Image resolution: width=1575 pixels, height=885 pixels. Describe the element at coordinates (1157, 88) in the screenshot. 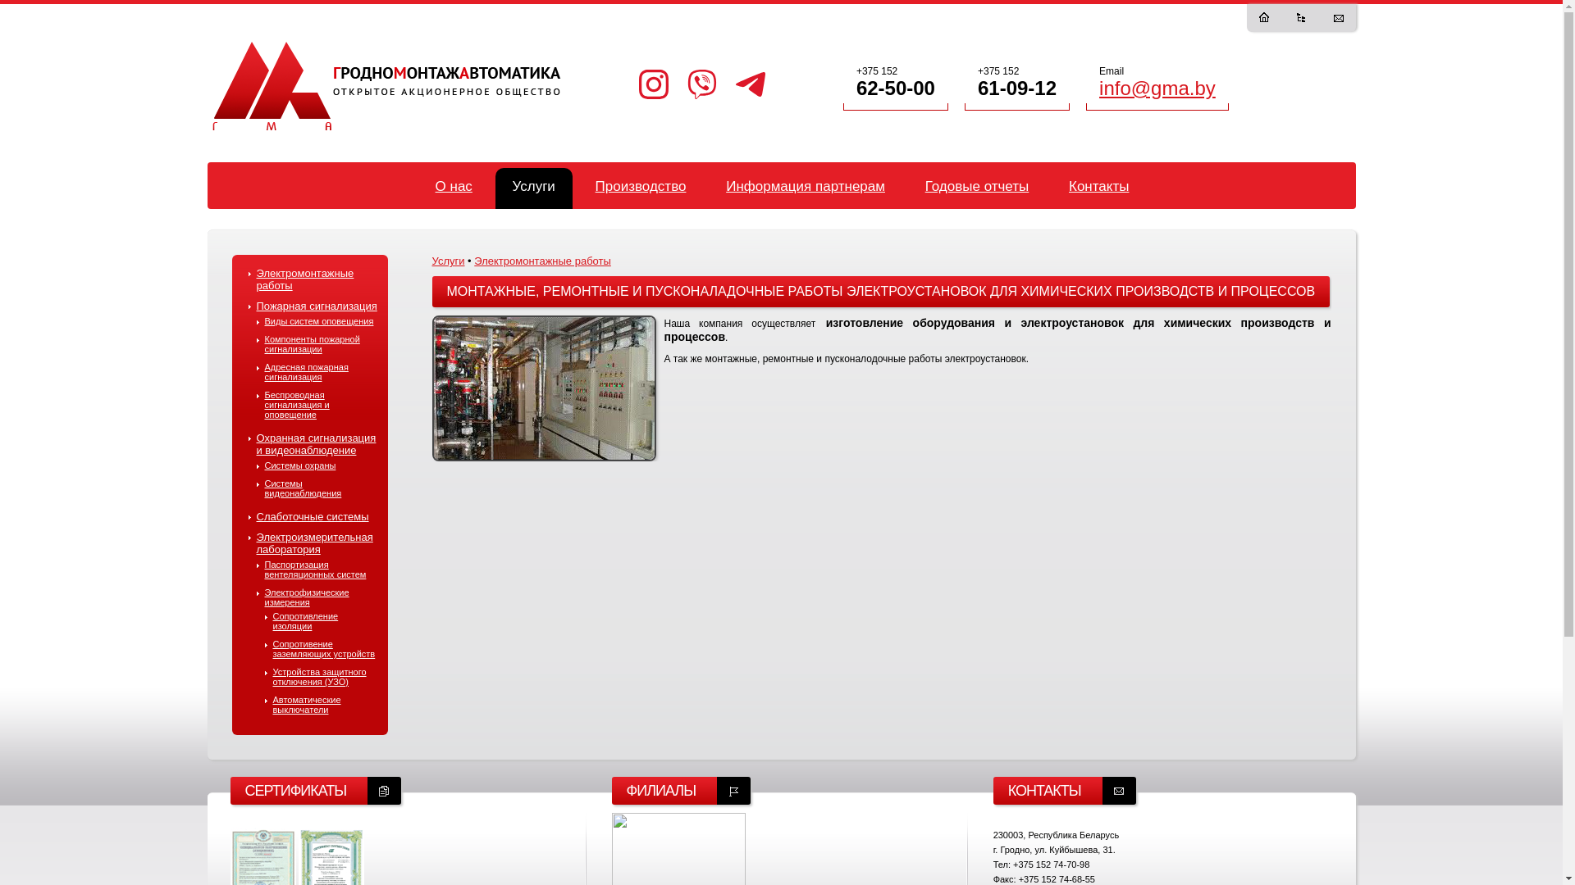

I see `'info@gma.by'` at that location.